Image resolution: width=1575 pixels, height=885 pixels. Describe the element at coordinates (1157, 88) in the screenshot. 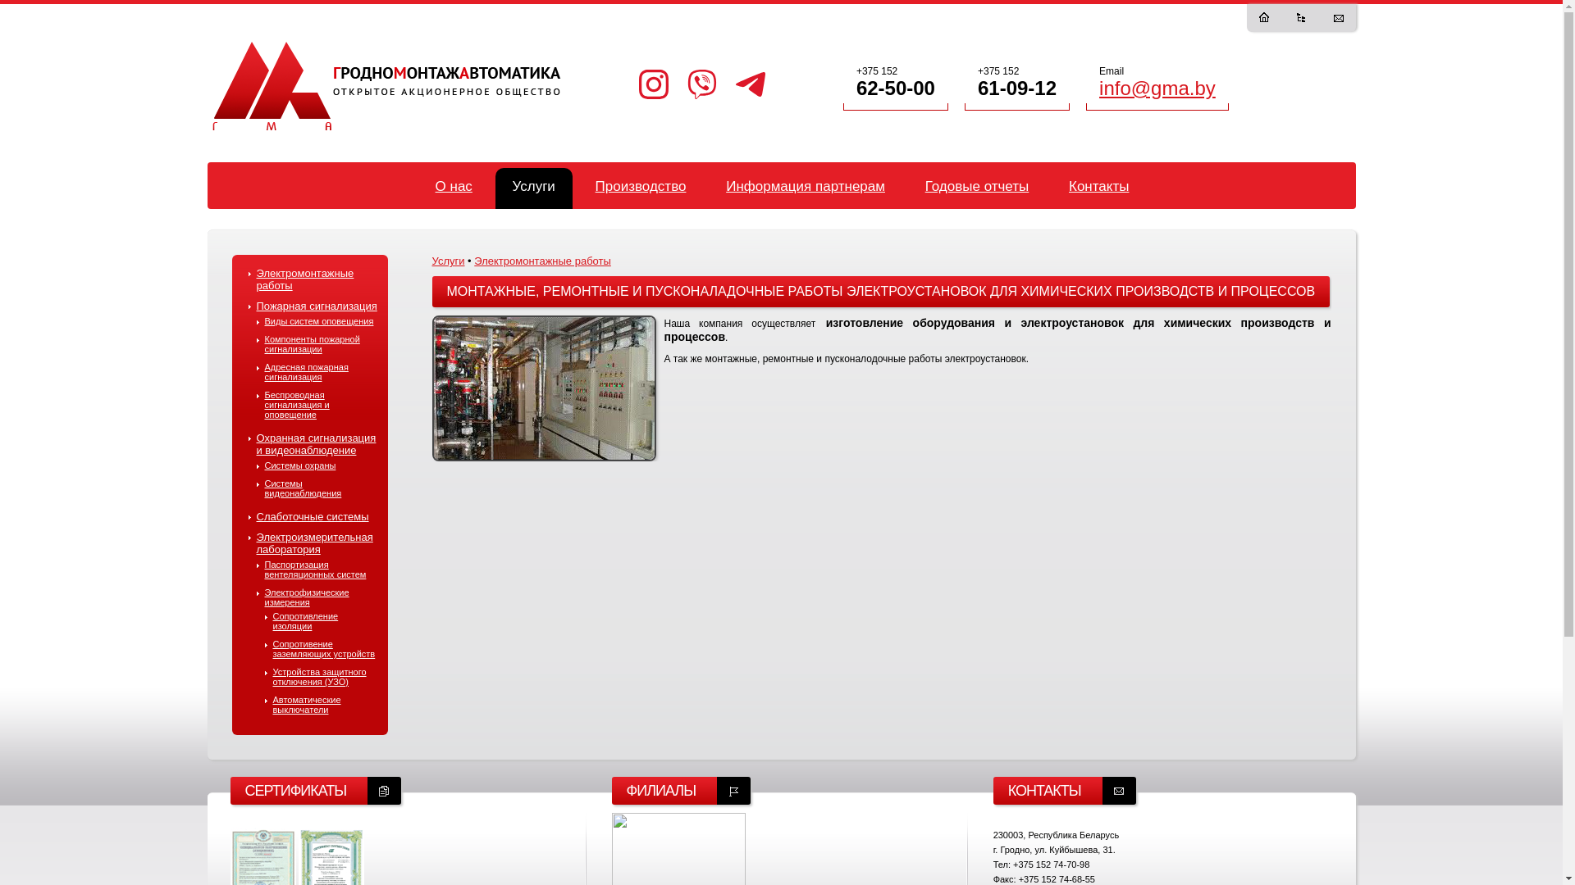

I see `'info@gma.by'` at that location.